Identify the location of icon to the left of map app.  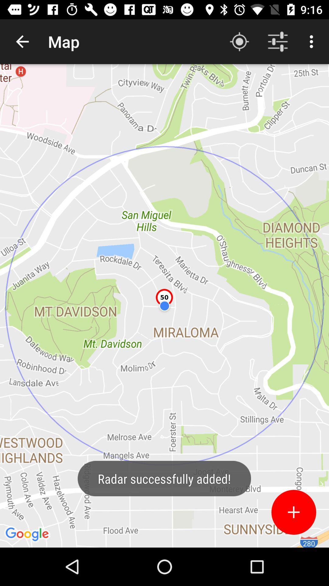
(22, 41).